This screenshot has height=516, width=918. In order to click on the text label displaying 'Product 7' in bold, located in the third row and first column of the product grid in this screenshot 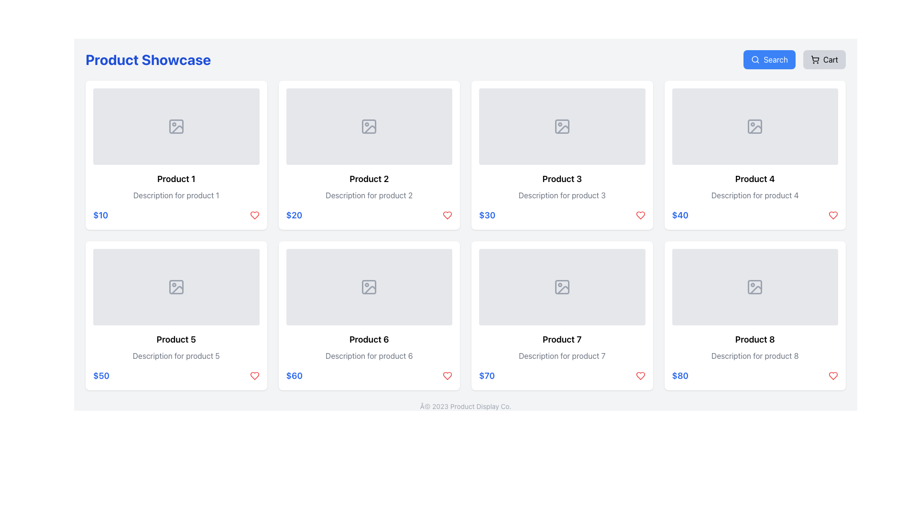, I will do `click(562, 339)`.